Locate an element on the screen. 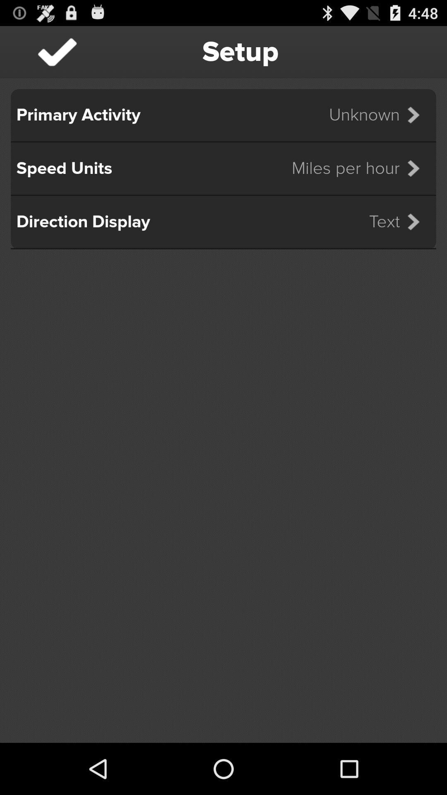 The width and height of the screenshot is (447, 795). icon at the top left corner is located at coordinates (57, 51).